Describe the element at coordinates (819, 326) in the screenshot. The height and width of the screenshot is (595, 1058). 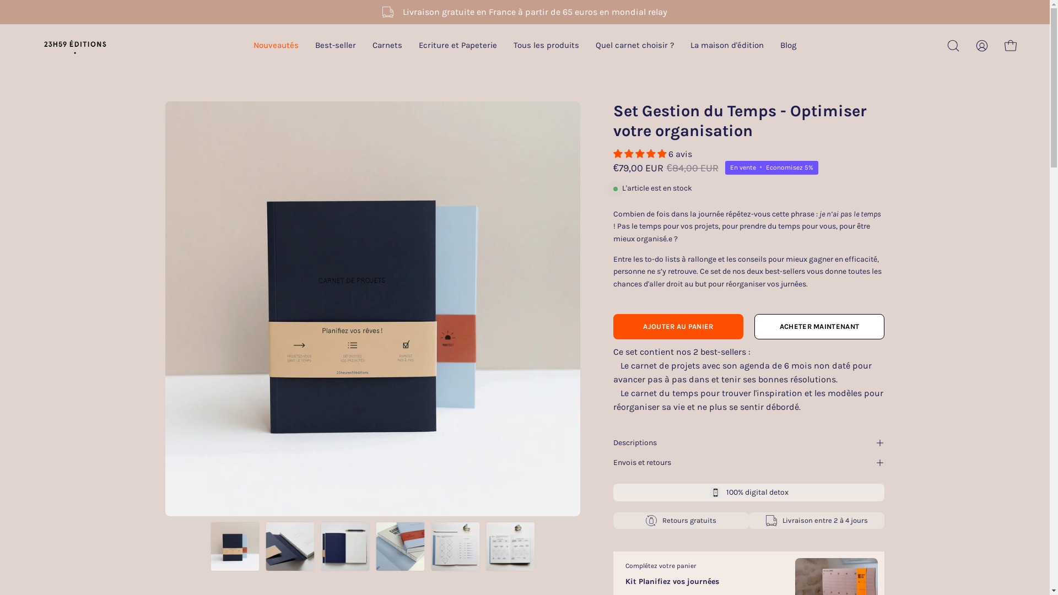
I see `'ACHETER MAINTENANT'` at that location.